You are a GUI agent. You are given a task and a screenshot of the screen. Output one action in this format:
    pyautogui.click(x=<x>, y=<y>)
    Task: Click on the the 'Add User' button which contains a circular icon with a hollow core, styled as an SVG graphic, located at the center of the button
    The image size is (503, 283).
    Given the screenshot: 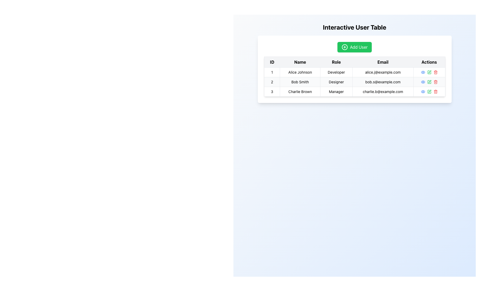 What is the action you would take?
    pyautogui.click(x=345, y=47)
    